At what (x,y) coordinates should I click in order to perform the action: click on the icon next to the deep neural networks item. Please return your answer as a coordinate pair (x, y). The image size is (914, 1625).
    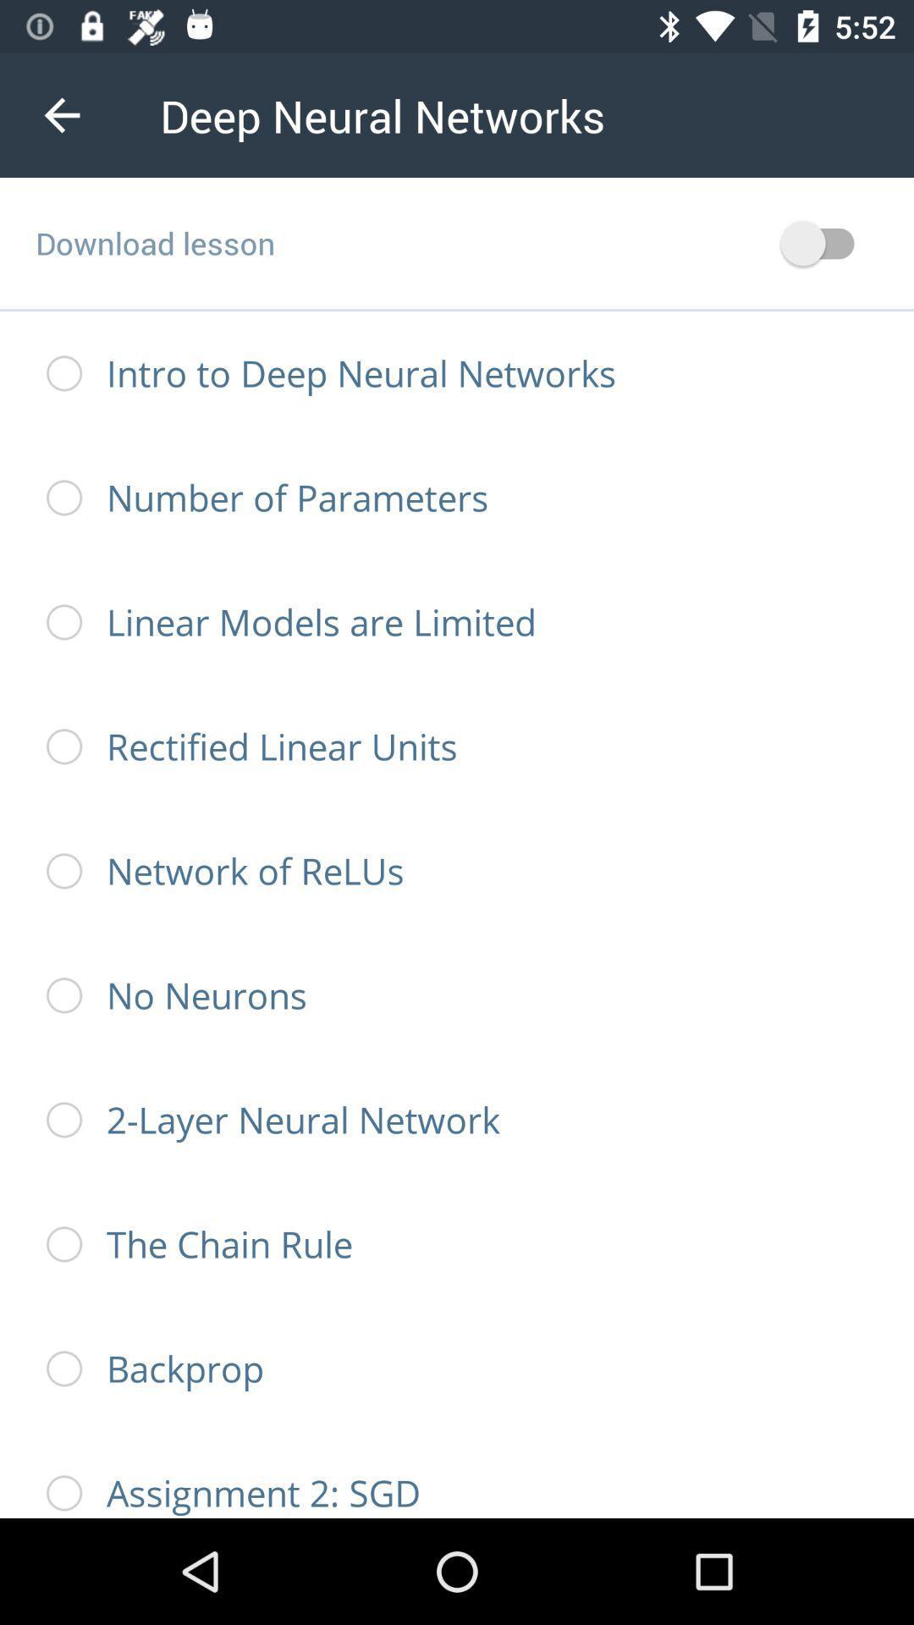
    Looking at the image, I should click on (61, 114).